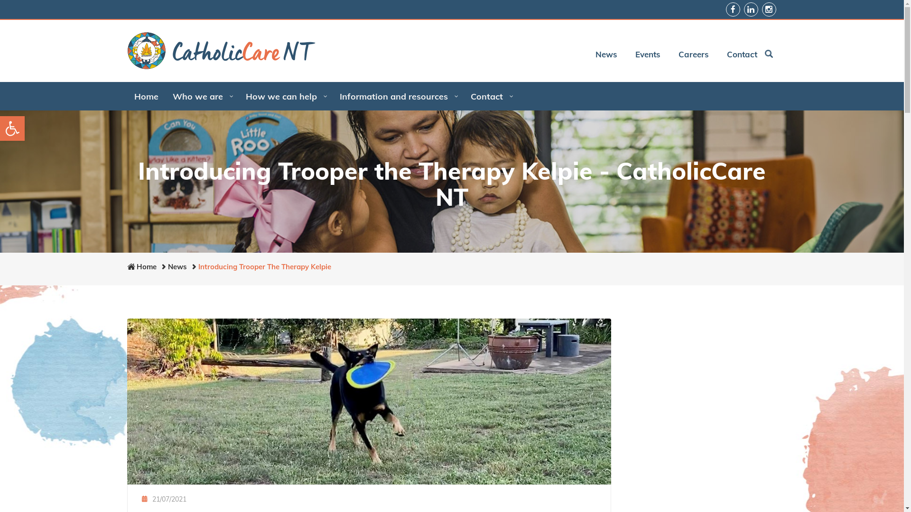  What do you see at coordinates (221, 51) in the screenshot?
I see `'Salonika'` at bounding box center [221, 51].